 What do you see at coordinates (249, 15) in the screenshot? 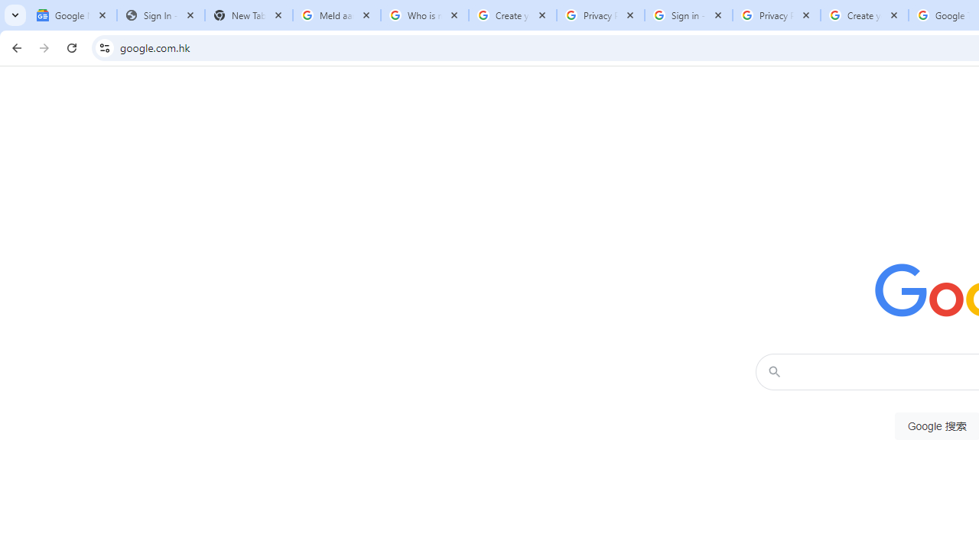
I see `'New Tab'` at bounding box center [249, 15].